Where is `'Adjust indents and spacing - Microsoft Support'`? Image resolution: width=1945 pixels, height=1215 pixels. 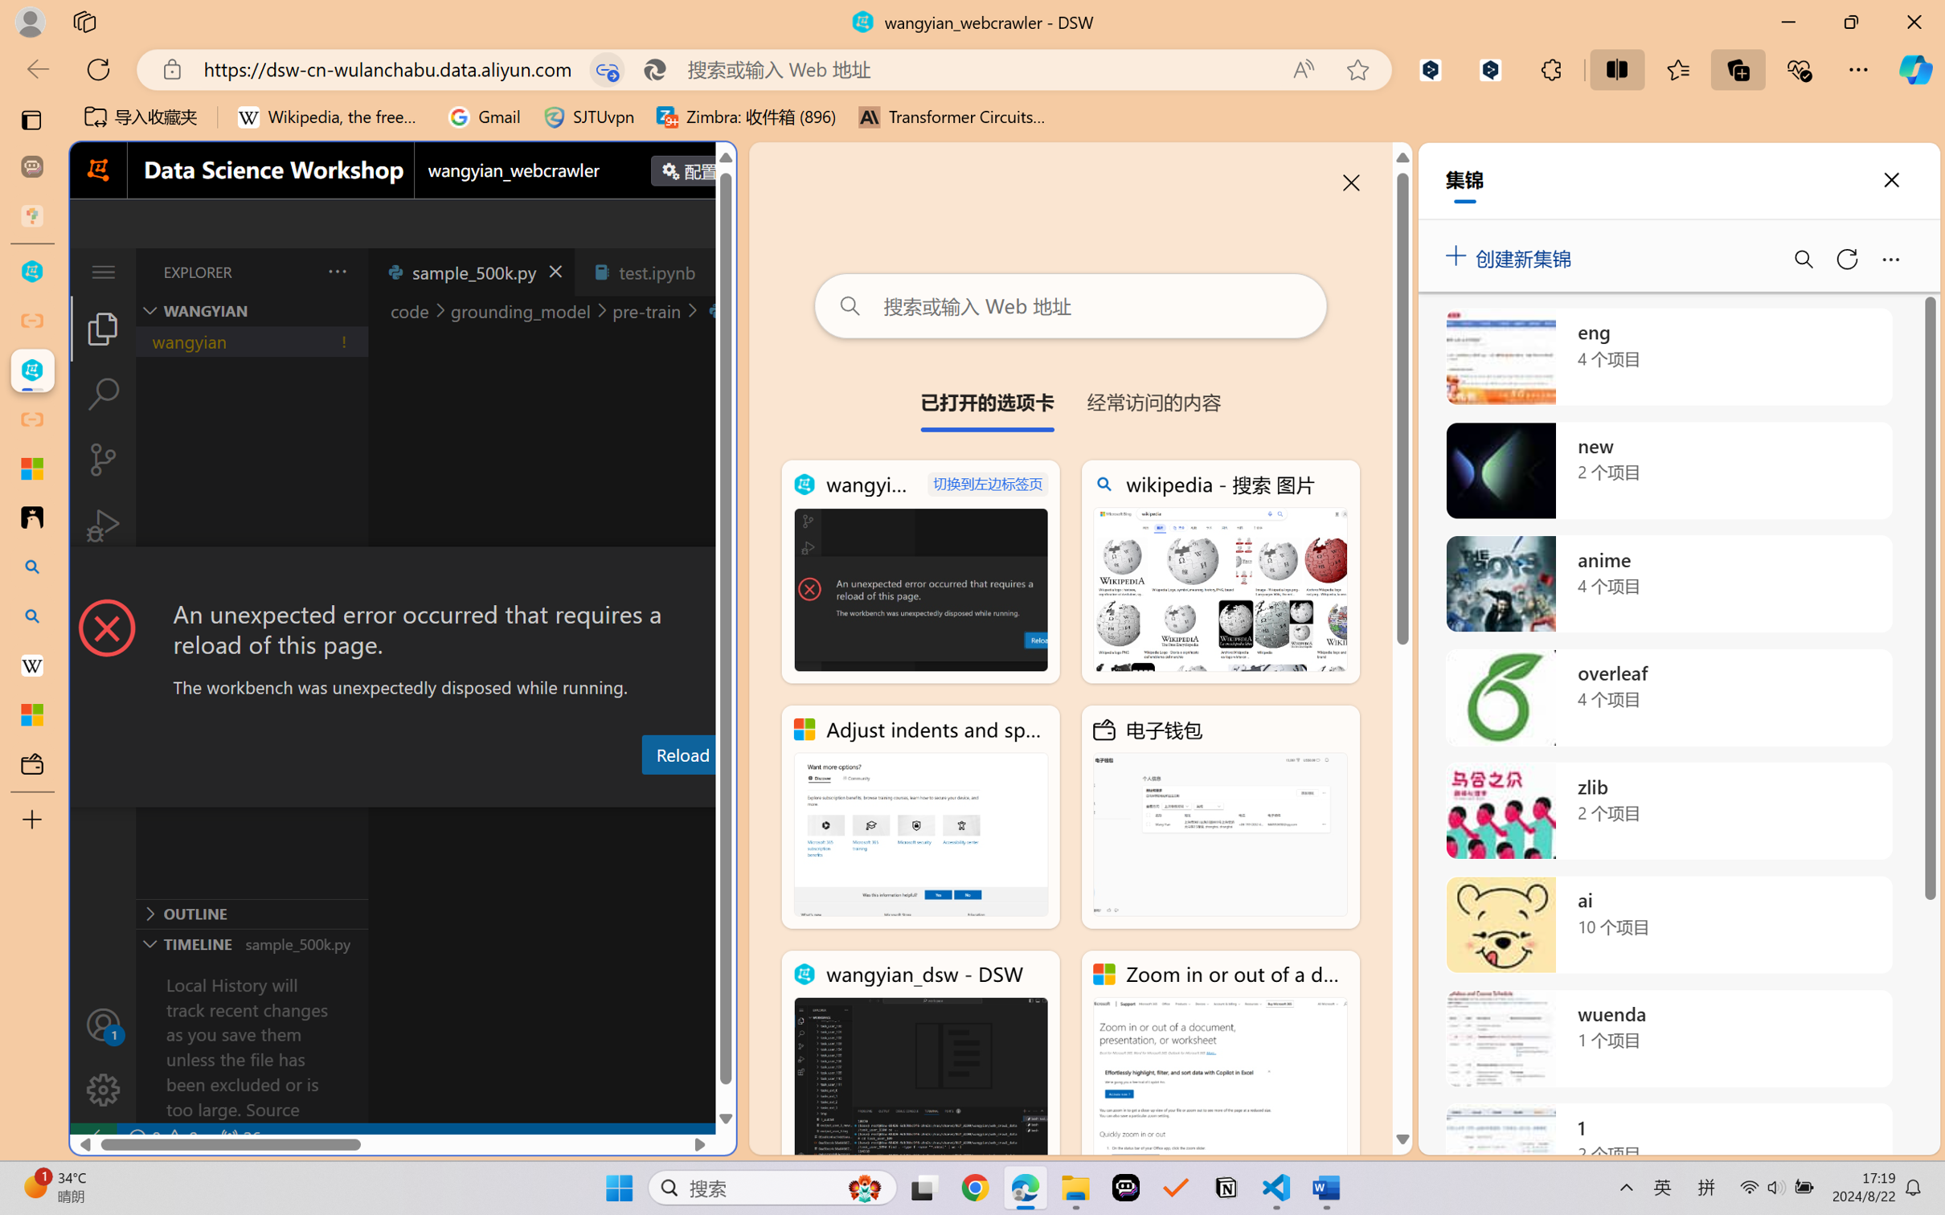
'Adjust indents and spacing - Microsoft Support' is located at coordinates (920, 817).